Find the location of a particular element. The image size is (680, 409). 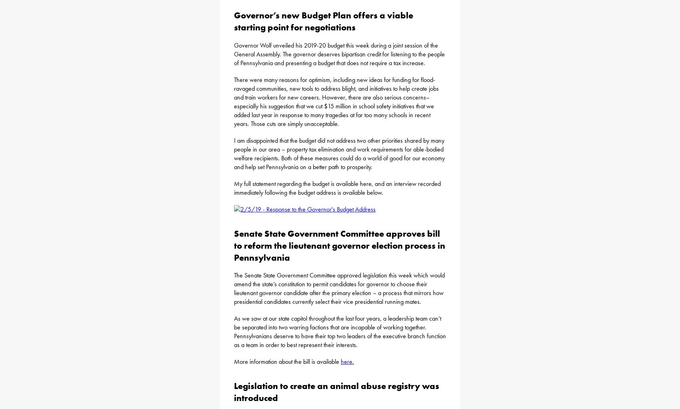

'Governor’s new Budget Plan offers a viable starting point for negotiations' is located at coordinates (323, 21).